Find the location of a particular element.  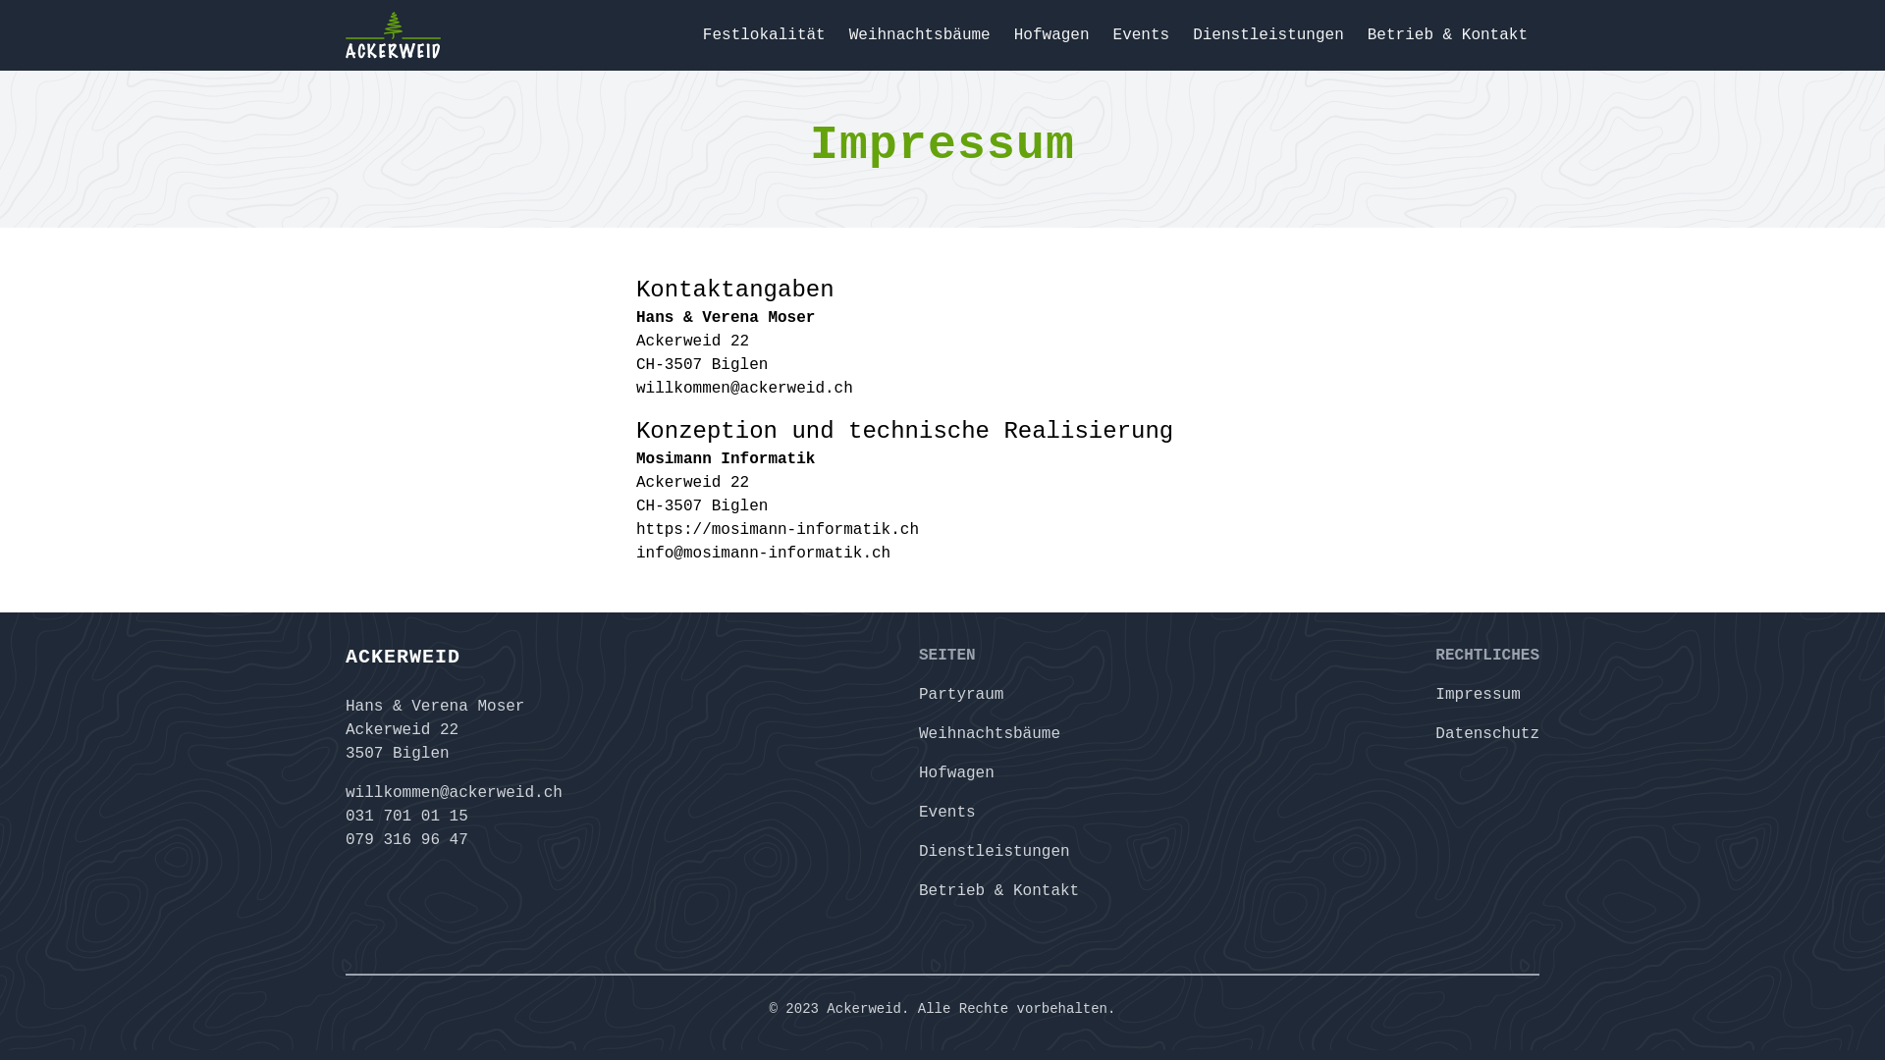

'https://mosimann-informatik.ch' is located at coordinates (777, 530).